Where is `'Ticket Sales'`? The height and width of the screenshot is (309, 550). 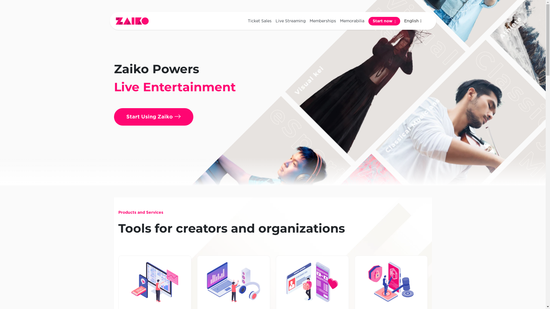 'Ticket Sales' is located at coordinates (259, 21).